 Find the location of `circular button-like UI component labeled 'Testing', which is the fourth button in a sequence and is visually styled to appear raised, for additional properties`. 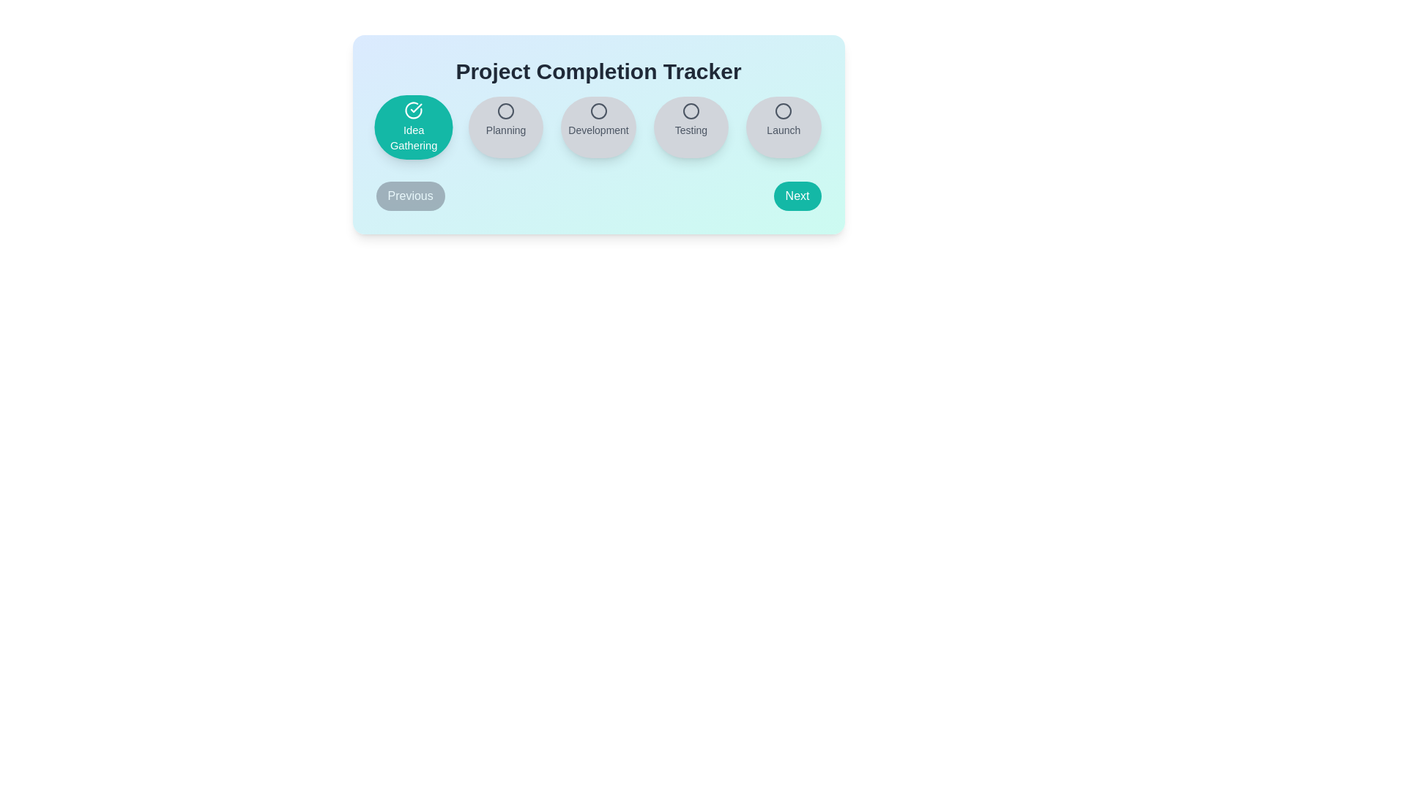

circular button-like UI component labeled 'Testing', which is the fourth button in a sequence and is visually styled to appear raised, for additional properties is located at coordinates (690, 126).